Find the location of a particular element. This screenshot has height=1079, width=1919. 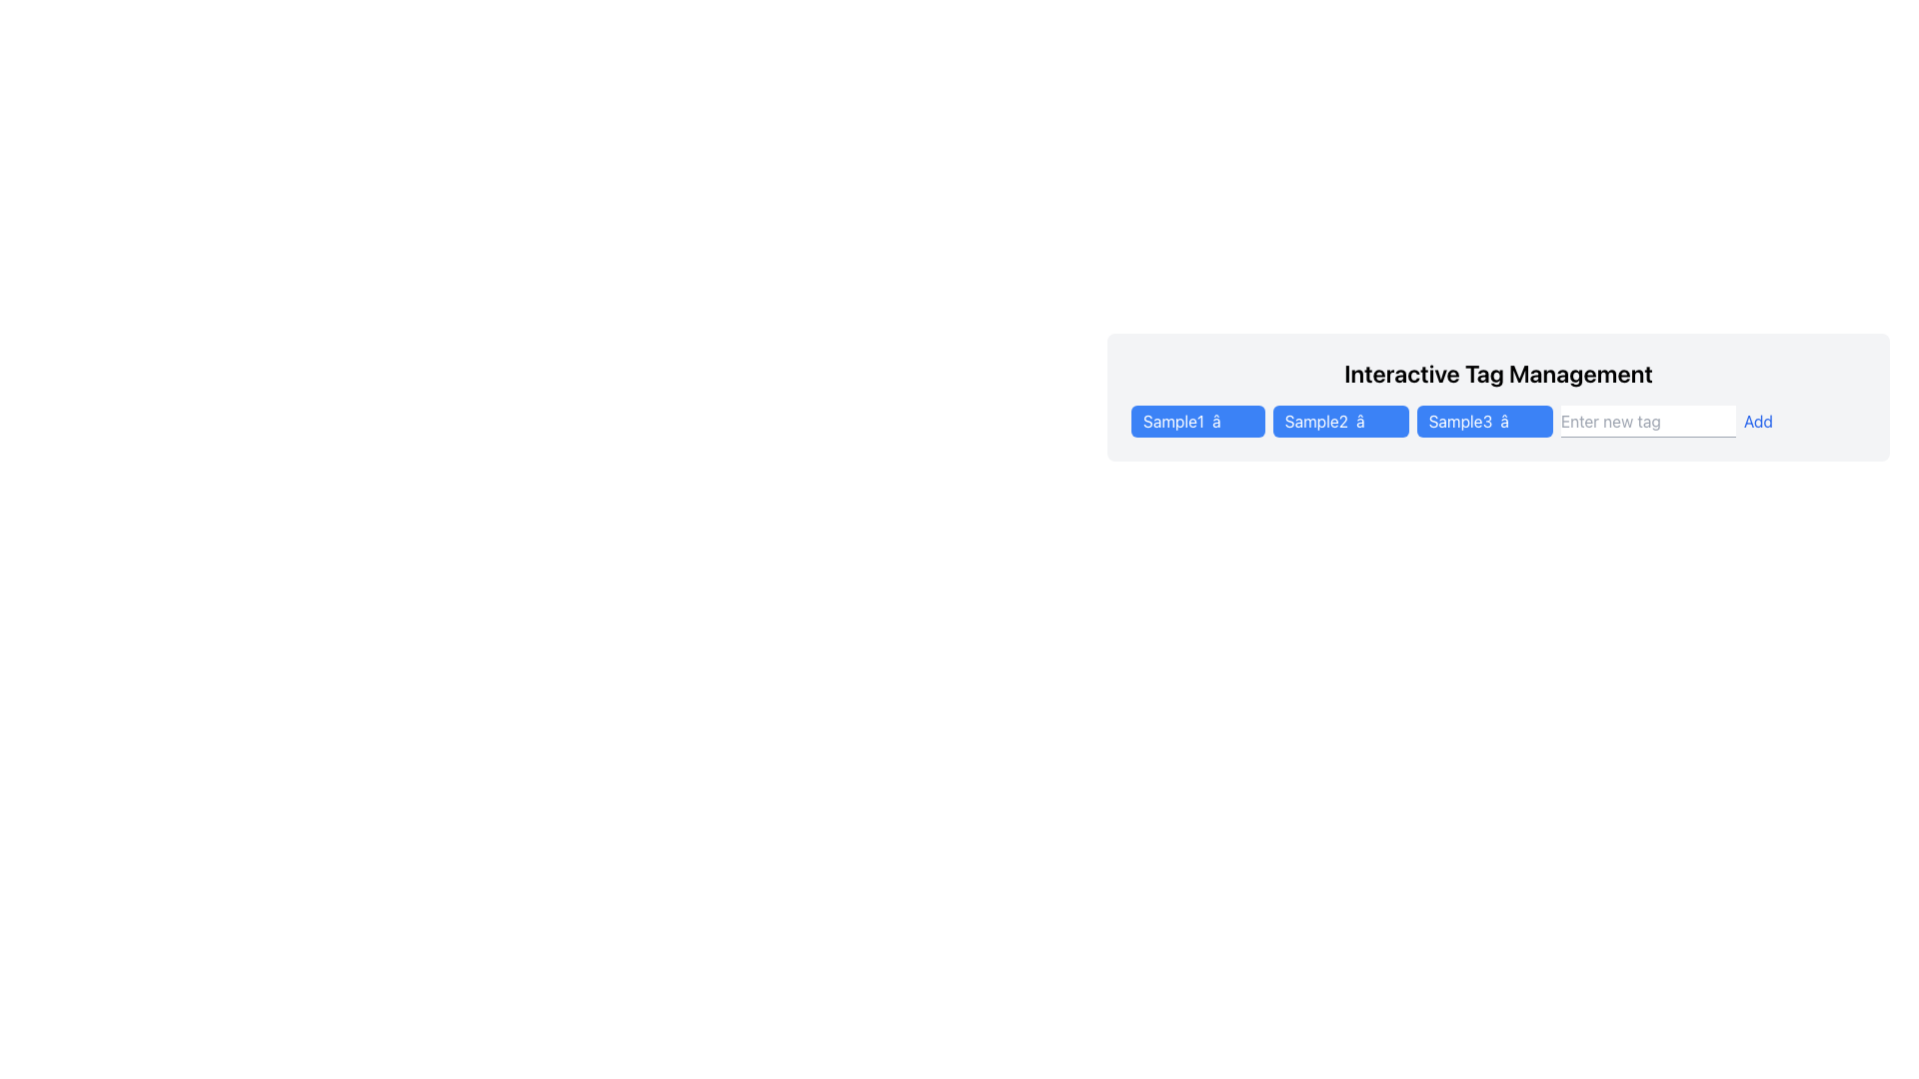

the first button in the 'Interactive Tag Management' section, which is positioned near the upper-right corner of the interface and is marked with a checkmark symbol is located at coordinates (1197, 420).